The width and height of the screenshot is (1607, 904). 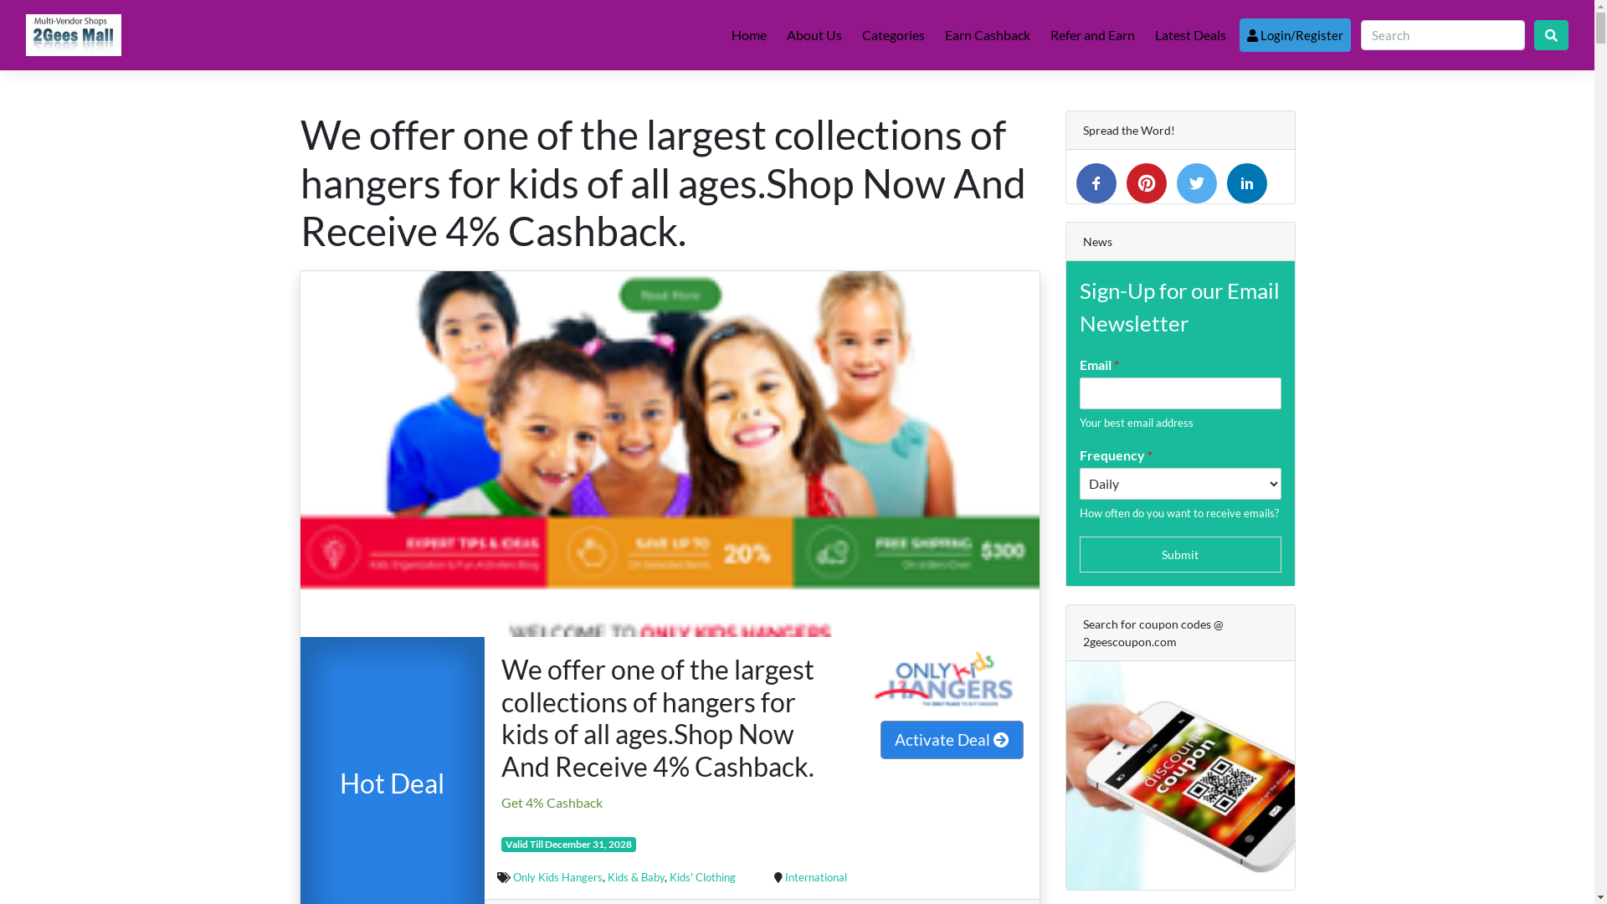 What do you see at coordinates (815, 876) in the screenshot?
I see `'International'` at bounding box center [815, 876].